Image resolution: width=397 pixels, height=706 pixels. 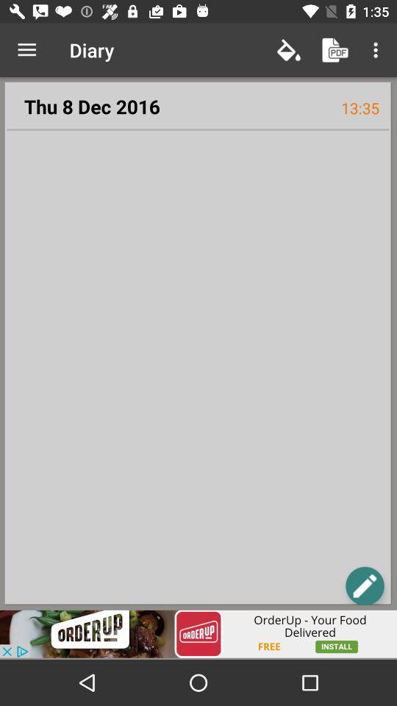 What do you see at coordinates (364, 585) in the screenshot?
I see `open new note` at bounding box center [364, 585].